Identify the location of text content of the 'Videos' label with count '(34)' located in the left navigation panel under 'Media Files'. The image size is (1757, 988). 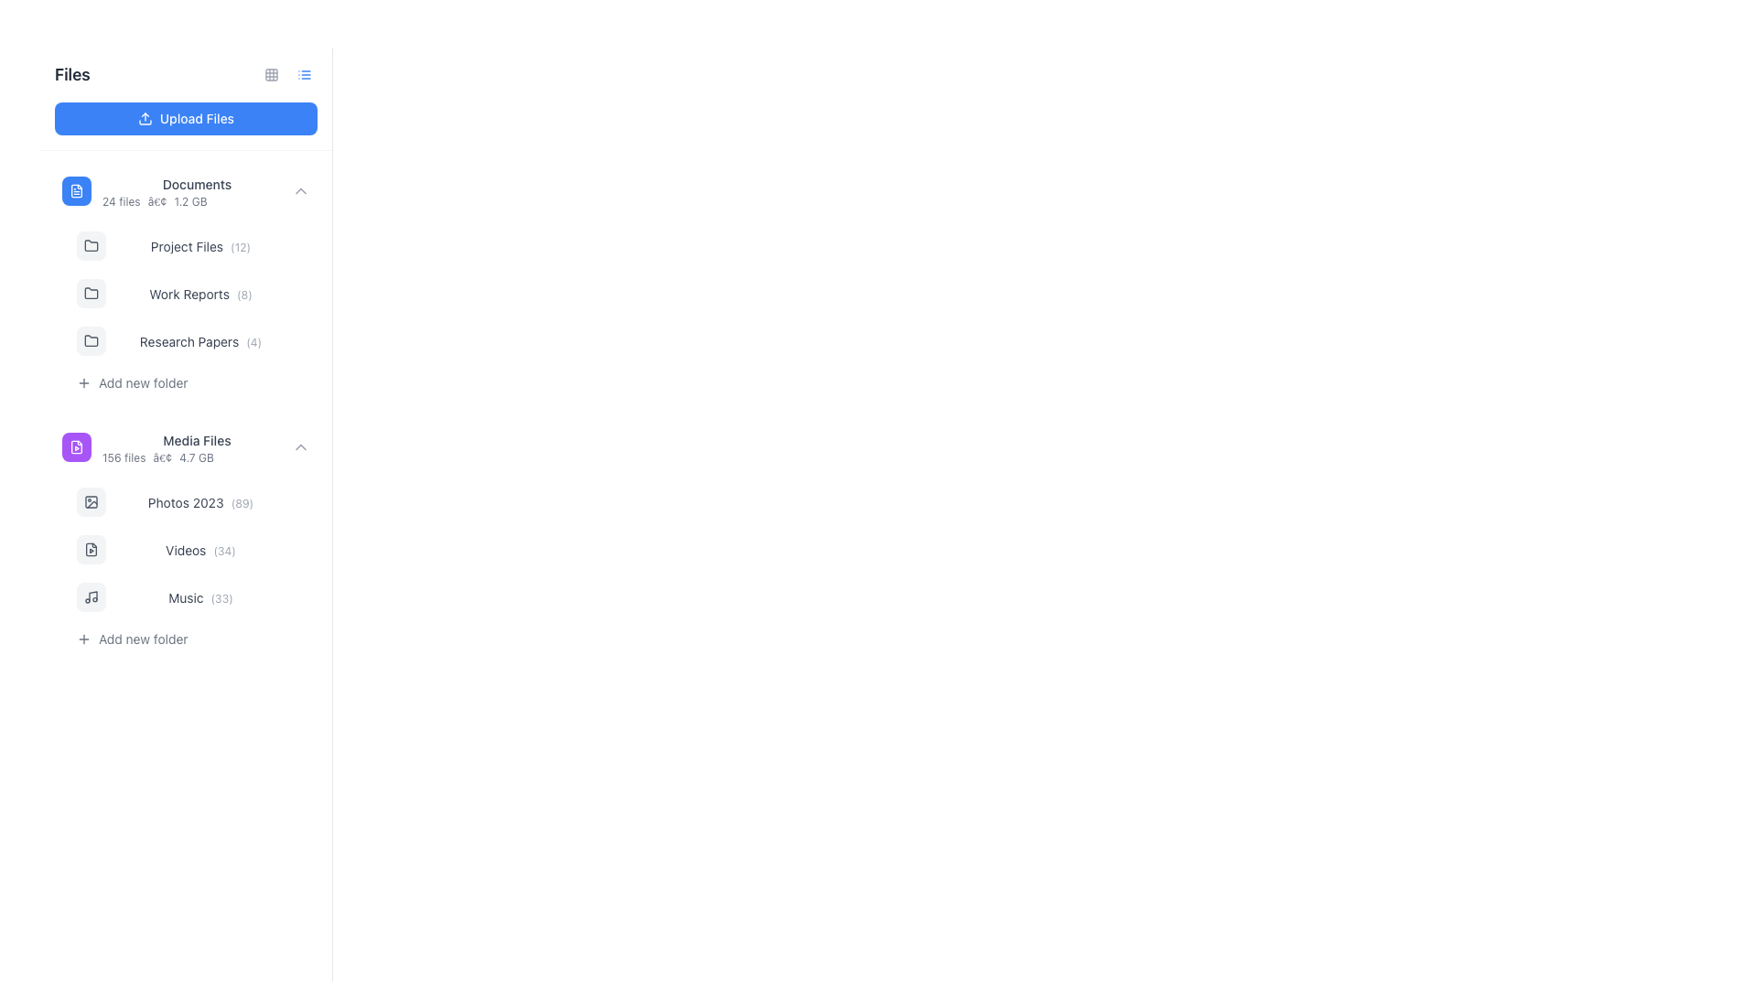
(200, 549).